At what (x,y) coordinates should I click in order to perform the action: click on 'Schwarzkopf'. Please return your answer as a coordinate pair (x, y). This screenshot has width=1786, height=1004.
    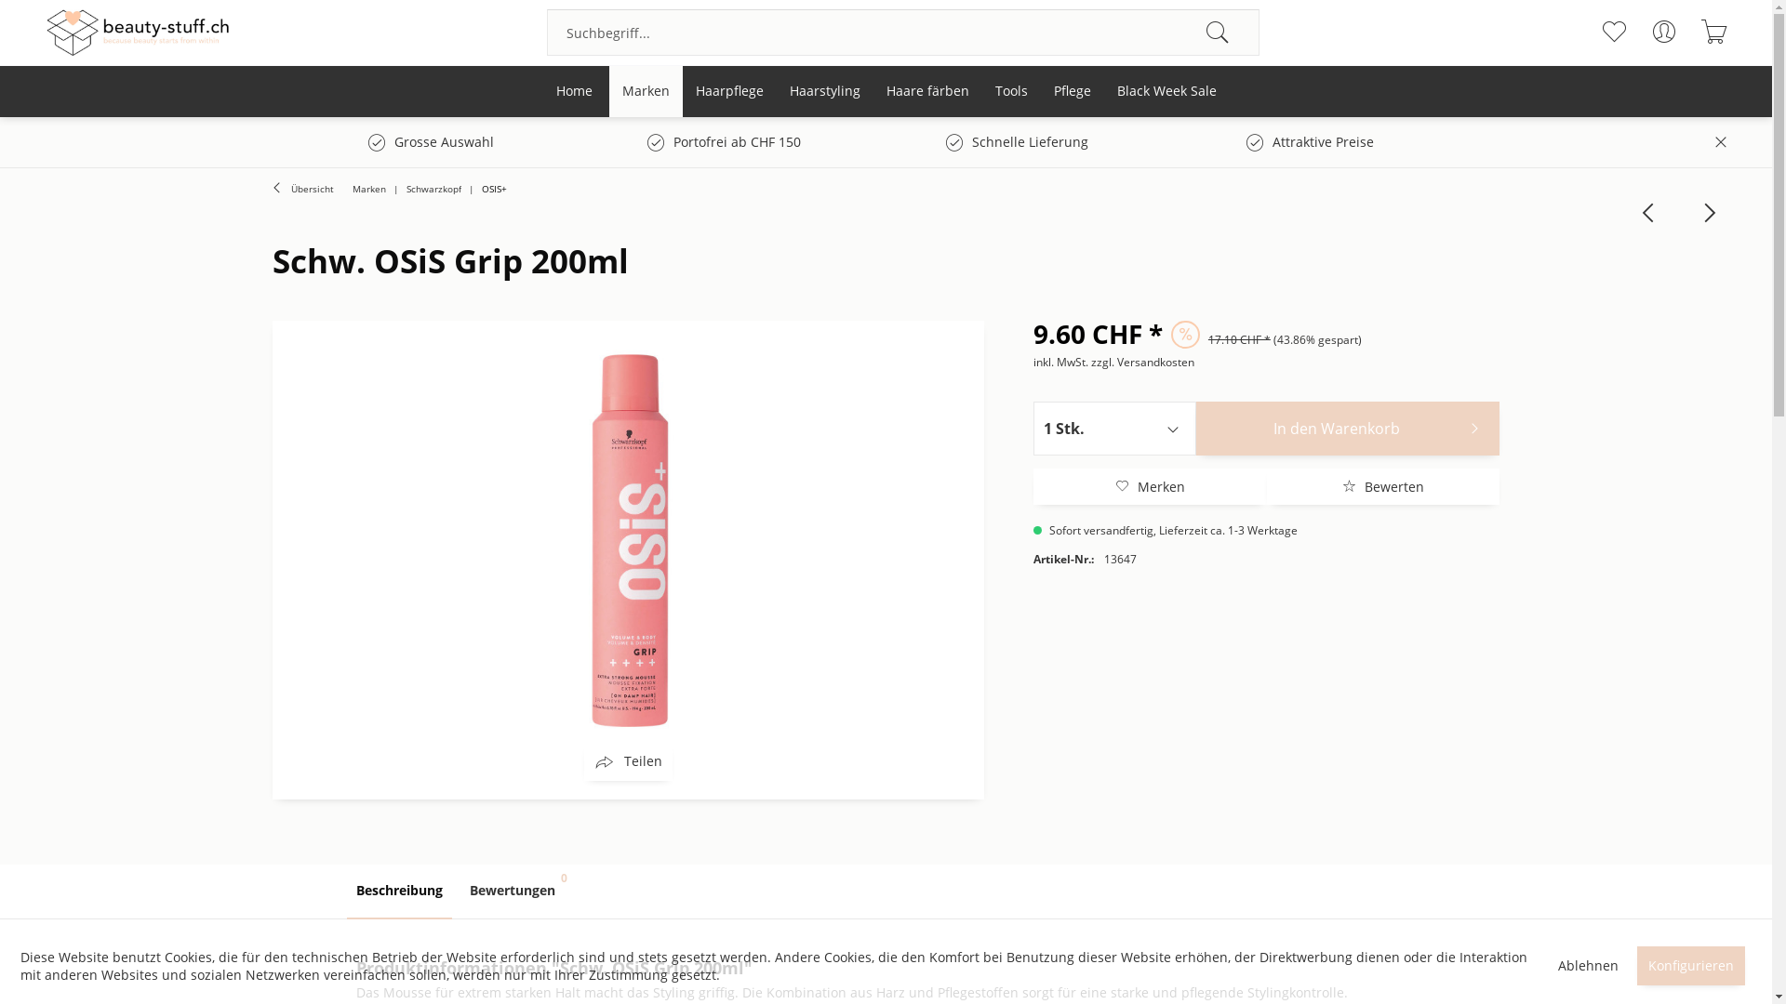
    Looking at the image, I should click on (405, 189).